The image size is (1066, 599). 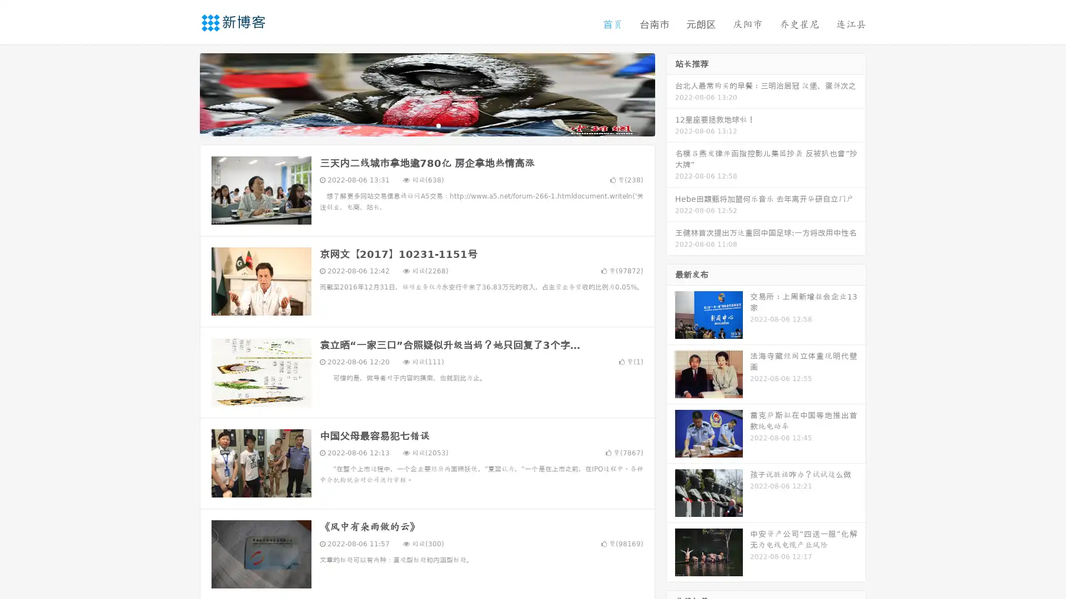 What do you see at coordinates (671, 93) in the screenshot?
I see `Next slide` at bounding box center [671, 93].